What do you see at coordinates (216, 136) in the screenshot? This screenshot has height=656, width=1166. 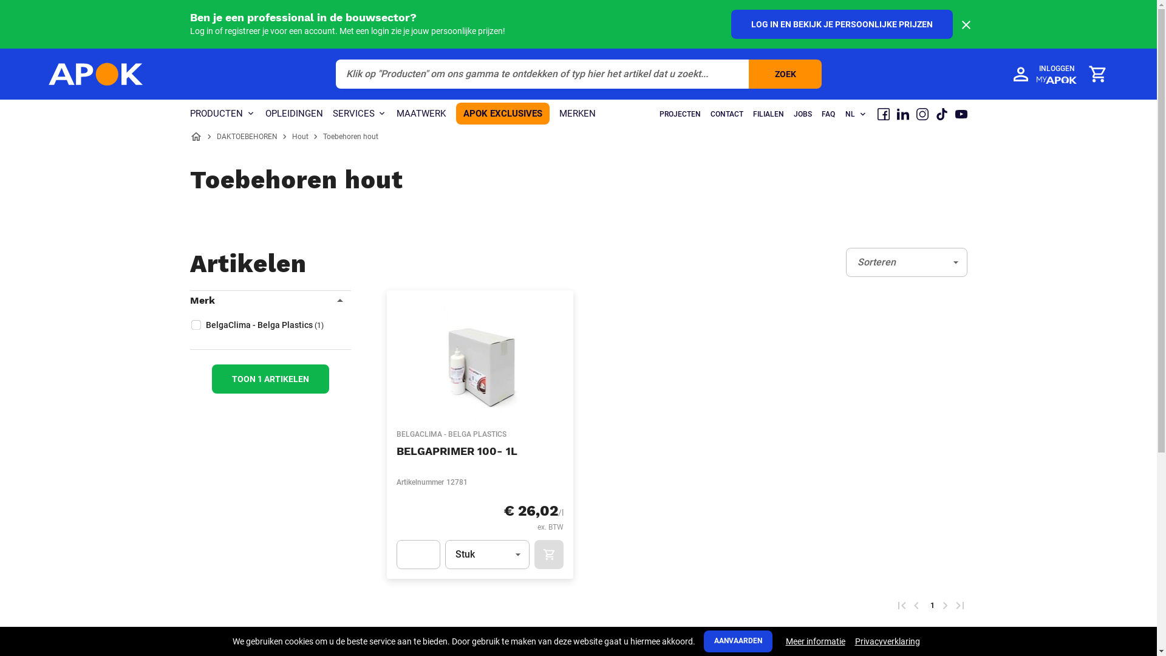 I see `'DAKTOEBEHOREN'` at bounding box center [216, 136].